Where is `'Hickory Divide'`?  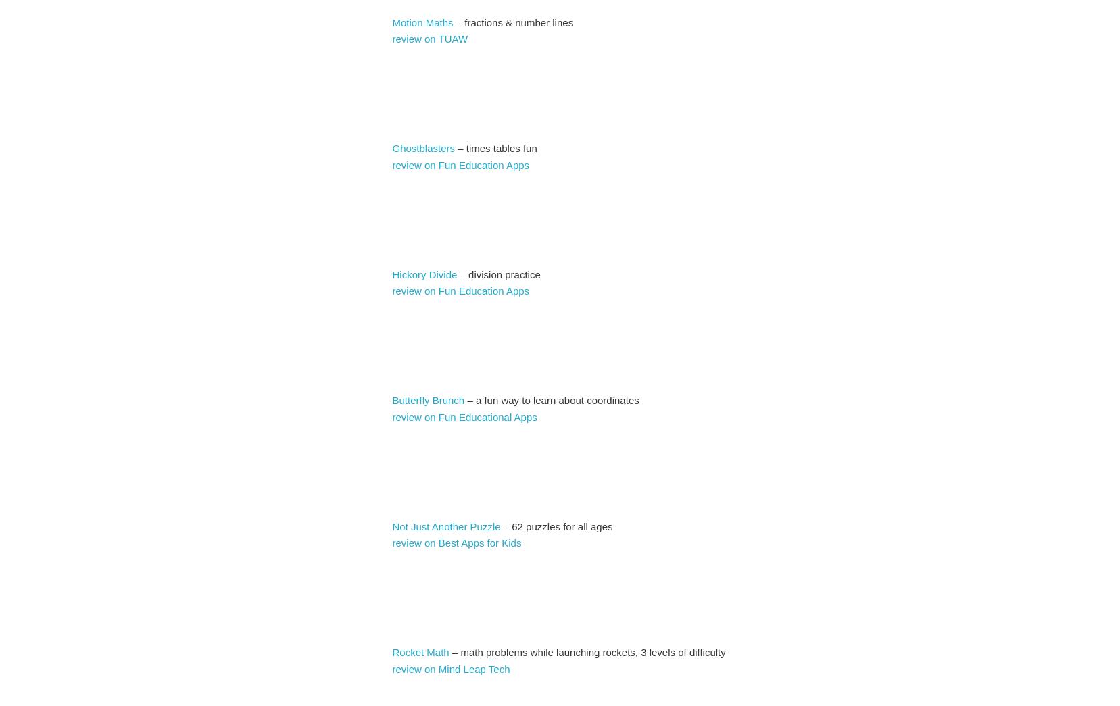
'Hickory Divide' is located at coordinates (391, 273).